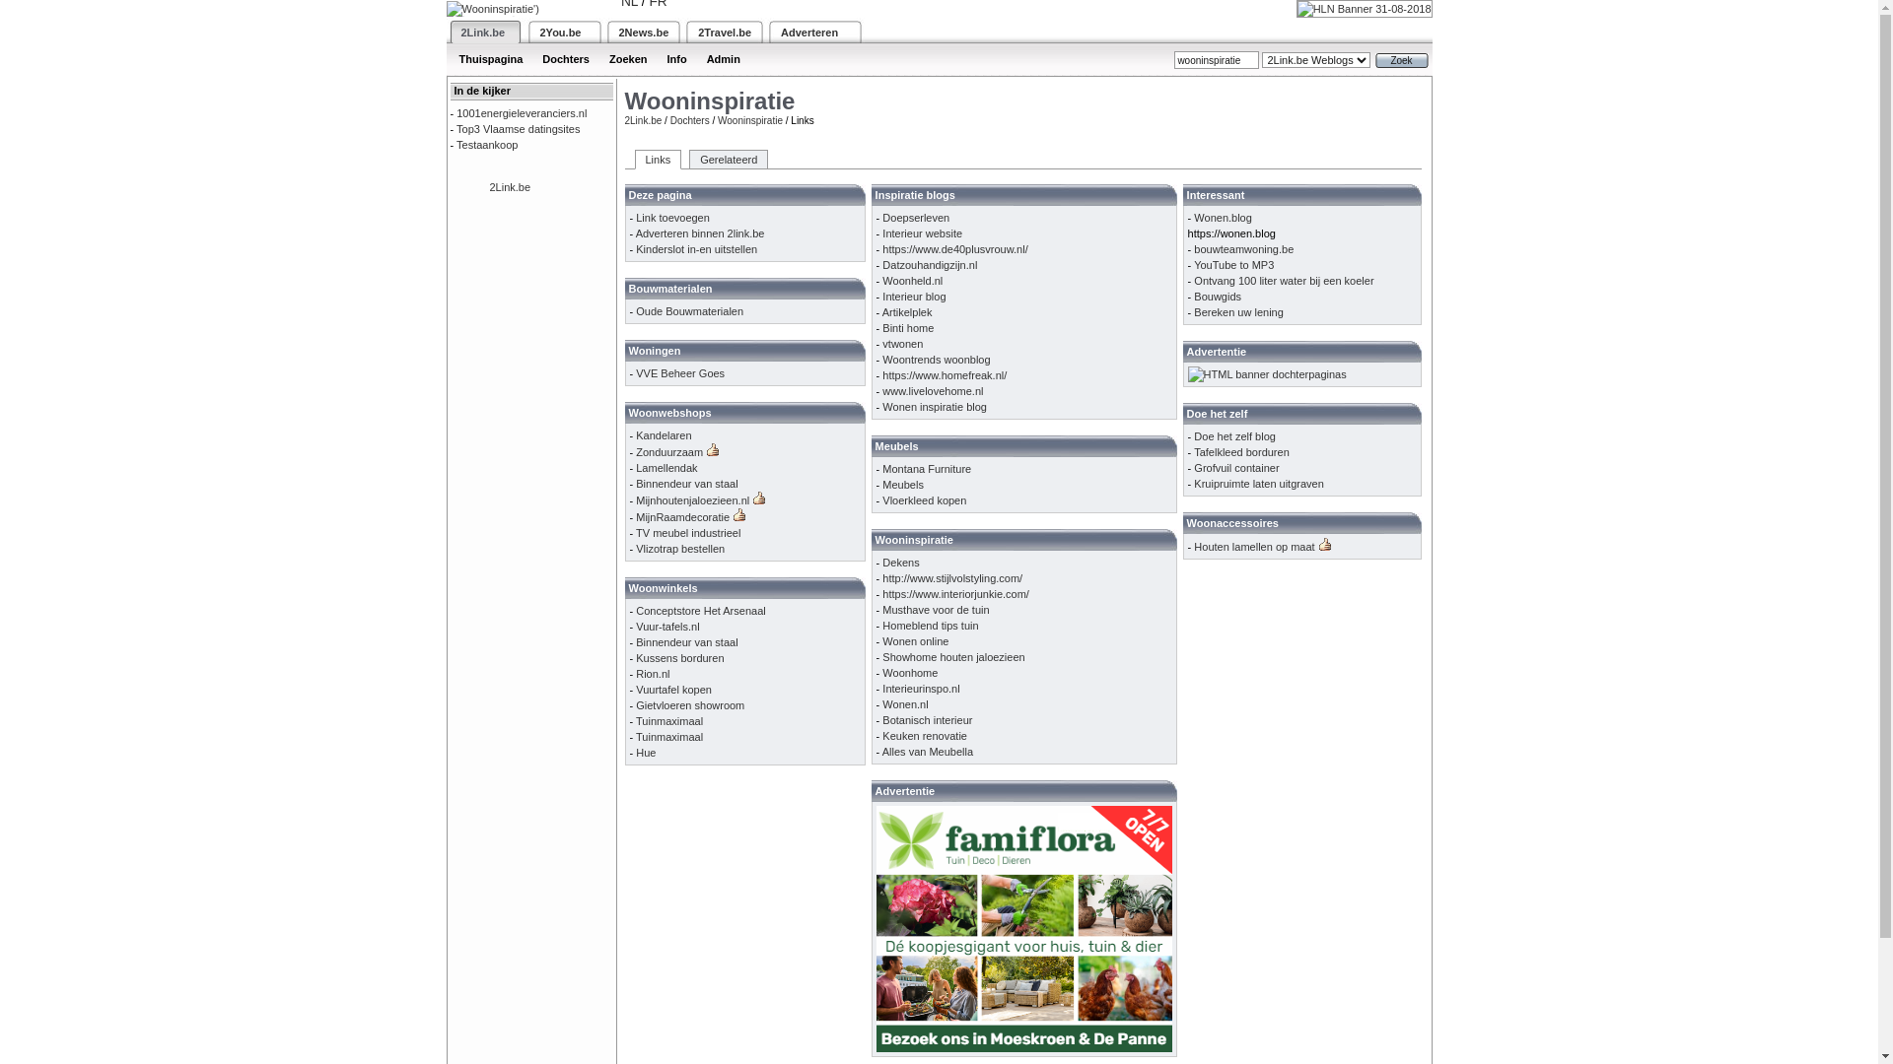 The image size is (1893, 1064). Describe the element at coordinates (1283, 281) in the screenshot. I see `'Ontvang 100 liter water bij een koeler'` at that location.